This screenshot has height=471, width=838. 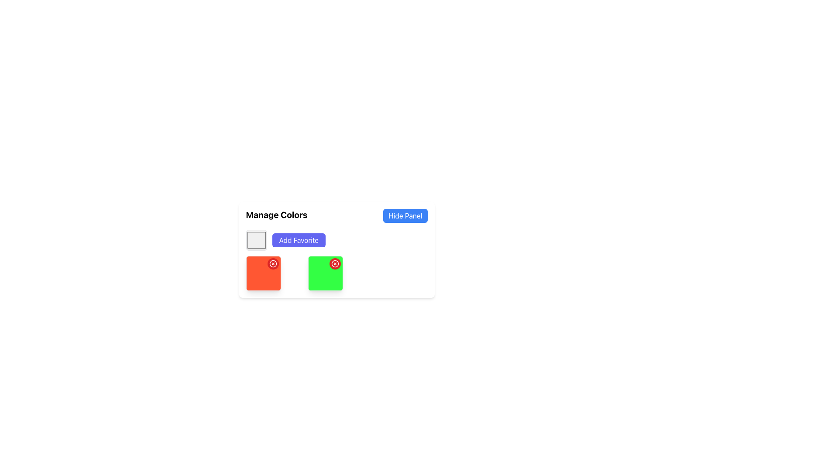 What do you see at coordinates (256, 240) in the screenshot?
I see `the color display or selector, which is a light gray square with rounded corners and a distinct border, located to the left of the 'Add Favorite' button in the color management section` at bounding box center [256, 240].